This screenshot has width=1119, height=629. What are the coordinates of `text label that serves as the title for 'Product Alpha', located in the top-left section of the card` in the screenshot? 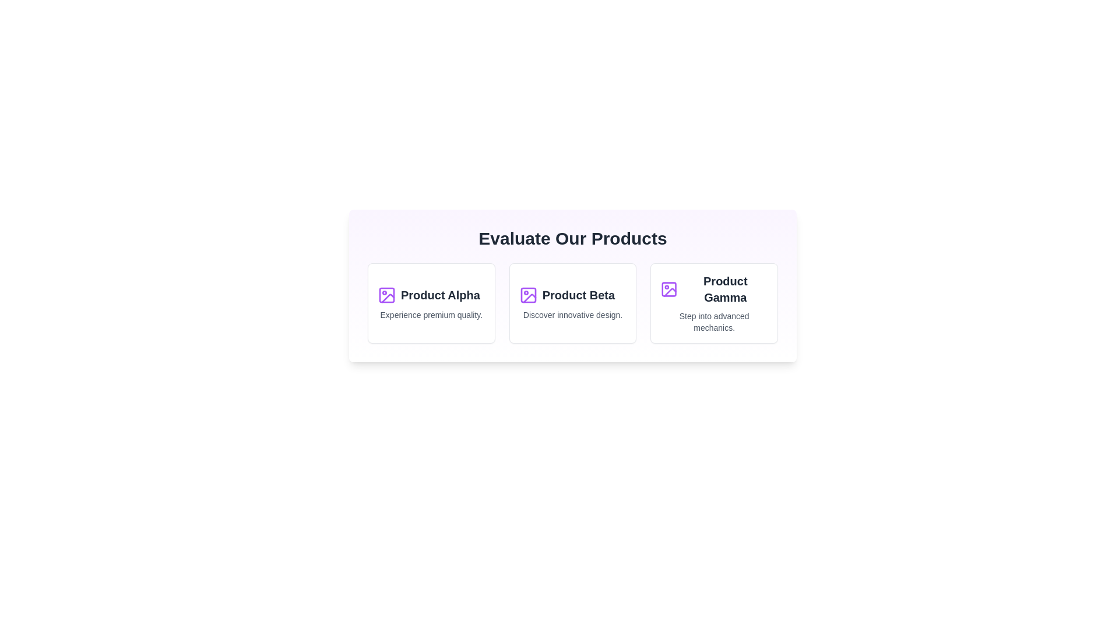 It's located at (439, 294).